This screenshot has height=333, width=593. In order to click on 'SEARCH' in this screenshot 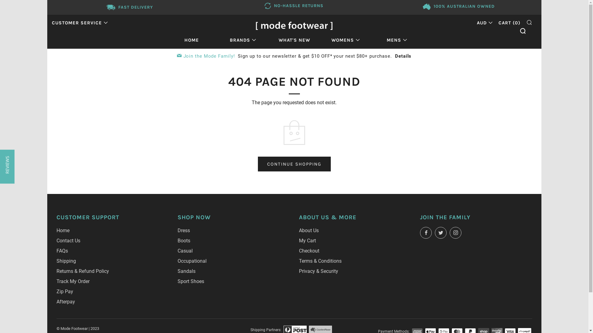, I will do `click(529, 22)`.